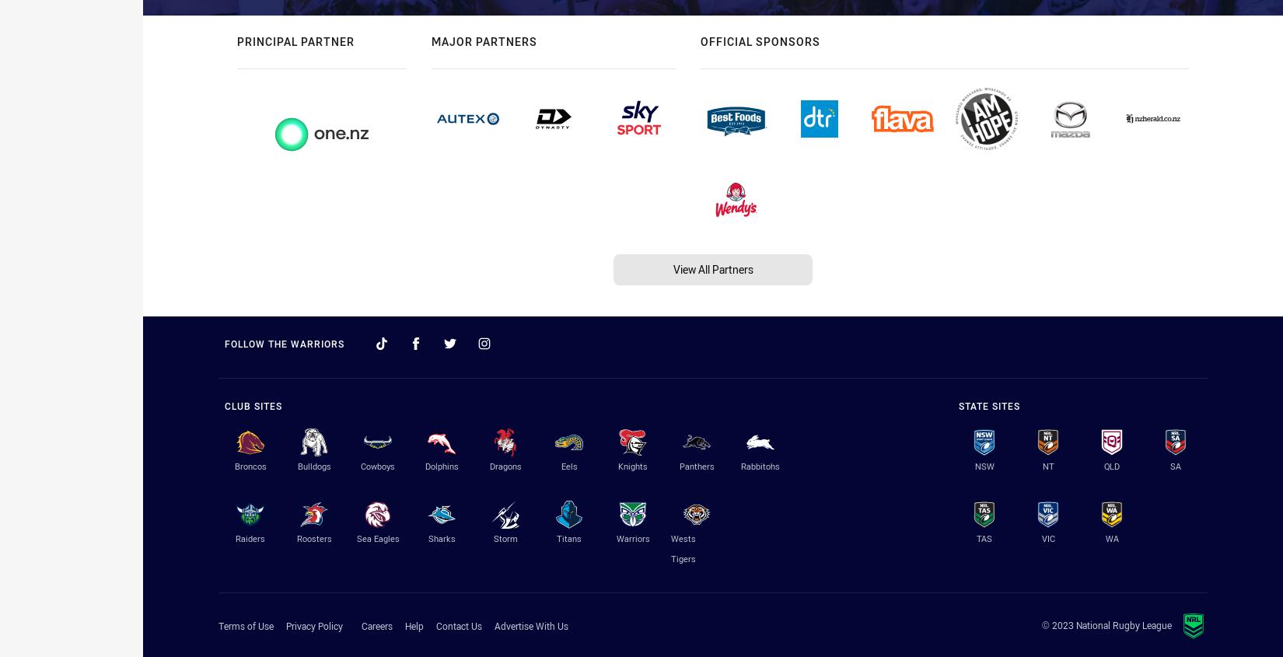 The image size is (1283, 657). I want to click on 'Club Sites', so click(253, 404).